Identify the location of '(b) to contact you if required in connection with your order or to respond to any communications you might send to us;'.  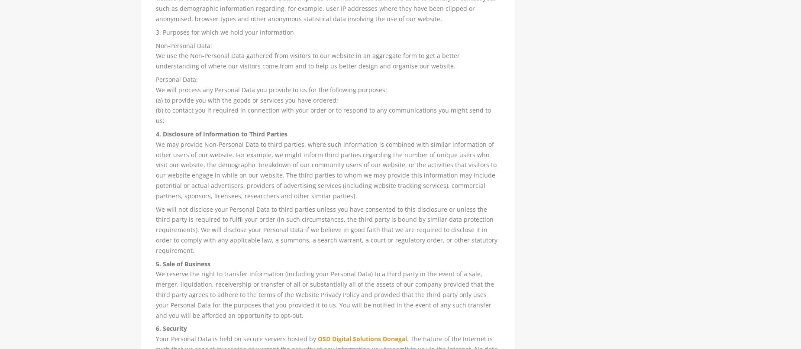
(323, 115).